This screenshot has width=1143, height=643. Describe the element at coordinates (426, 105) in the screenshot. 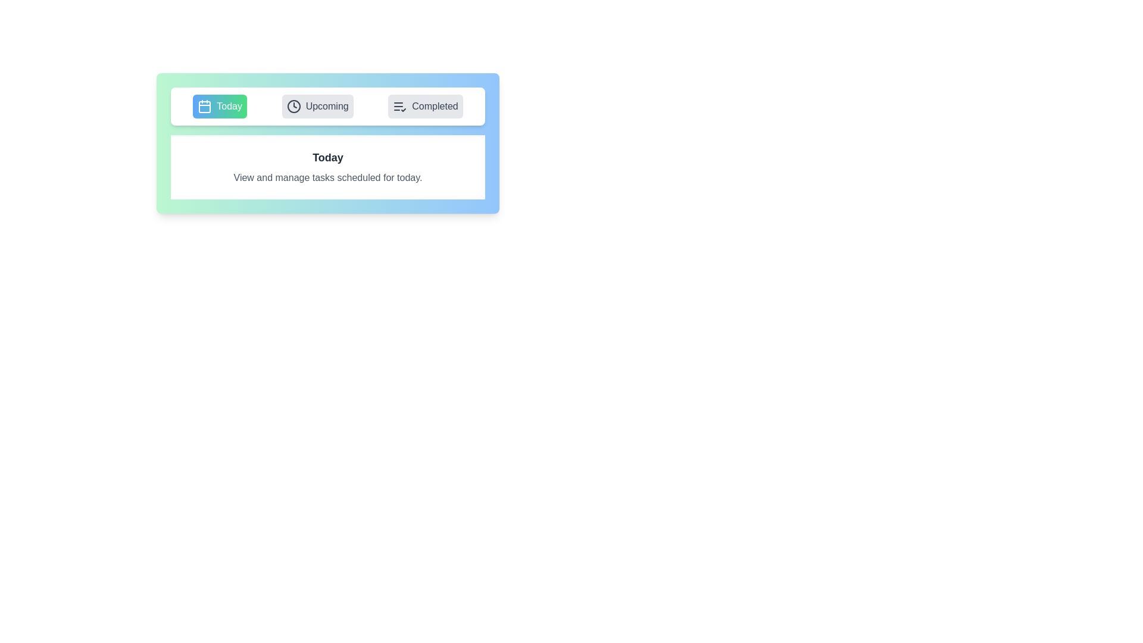

I see `the Completed tab` at that location.